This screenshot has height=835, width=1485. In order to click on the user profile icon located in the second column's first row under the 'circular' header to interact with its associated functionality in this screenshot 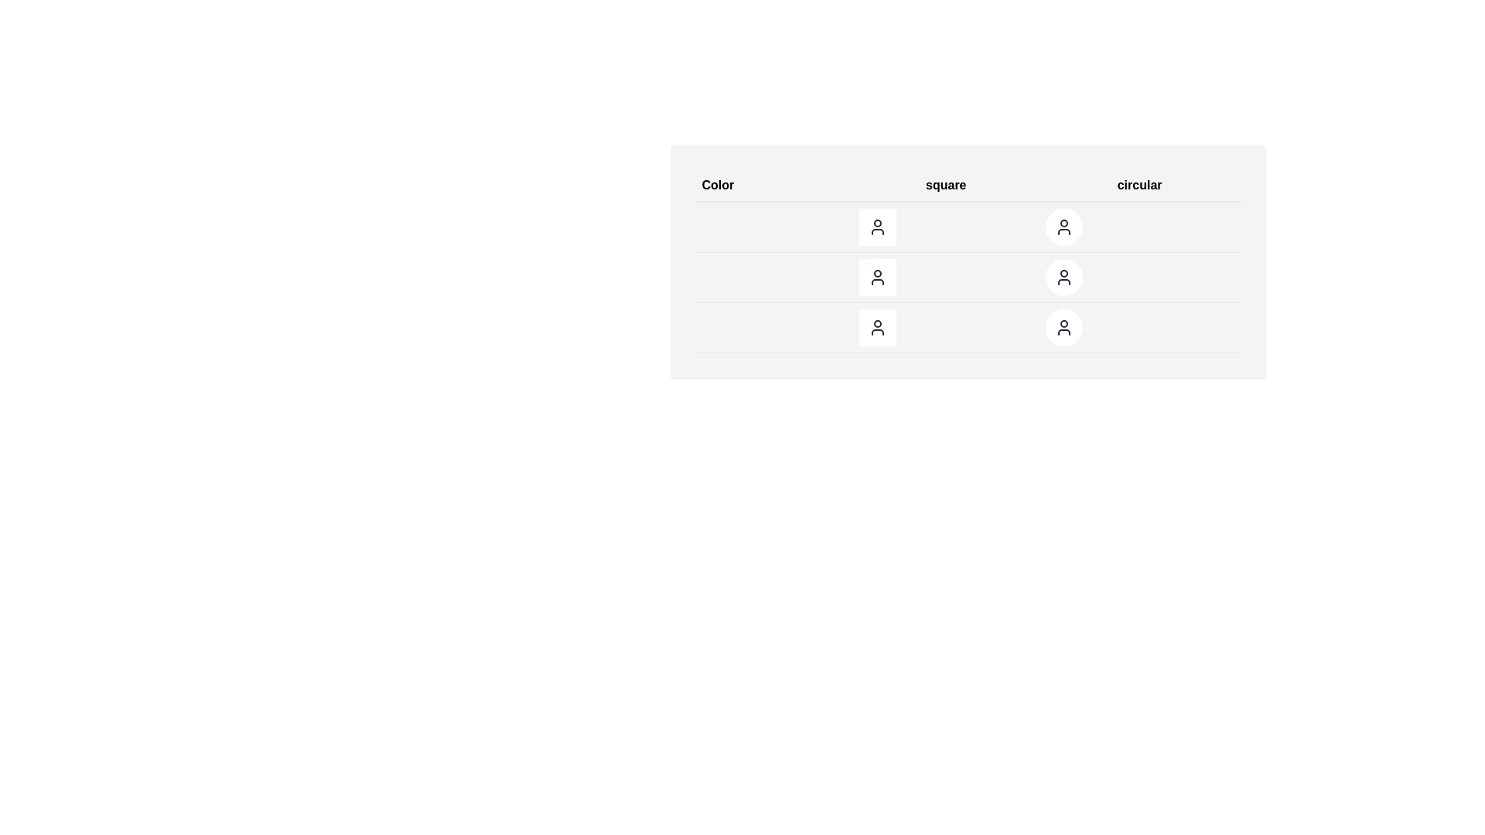, I will do `click(1063, 227)`.